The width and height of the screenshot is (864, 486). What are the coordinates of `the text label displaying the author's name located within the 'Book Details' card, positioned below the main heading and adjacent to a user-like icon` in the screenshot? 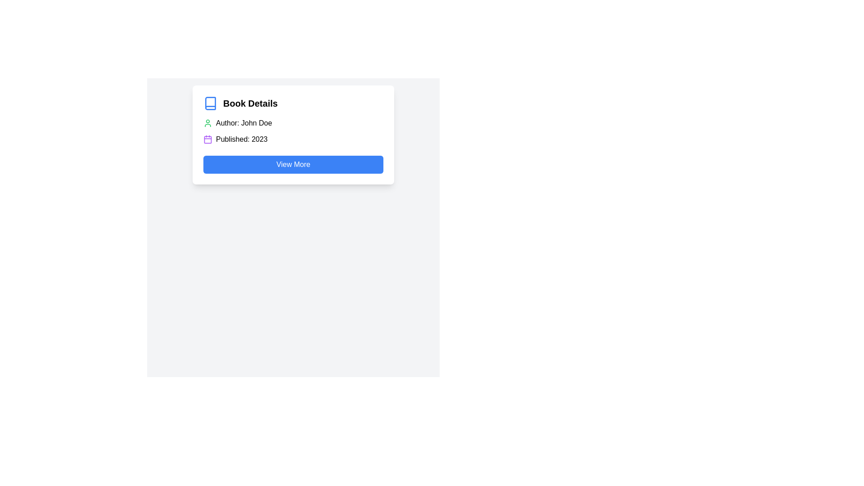 It's located at (244, 123).